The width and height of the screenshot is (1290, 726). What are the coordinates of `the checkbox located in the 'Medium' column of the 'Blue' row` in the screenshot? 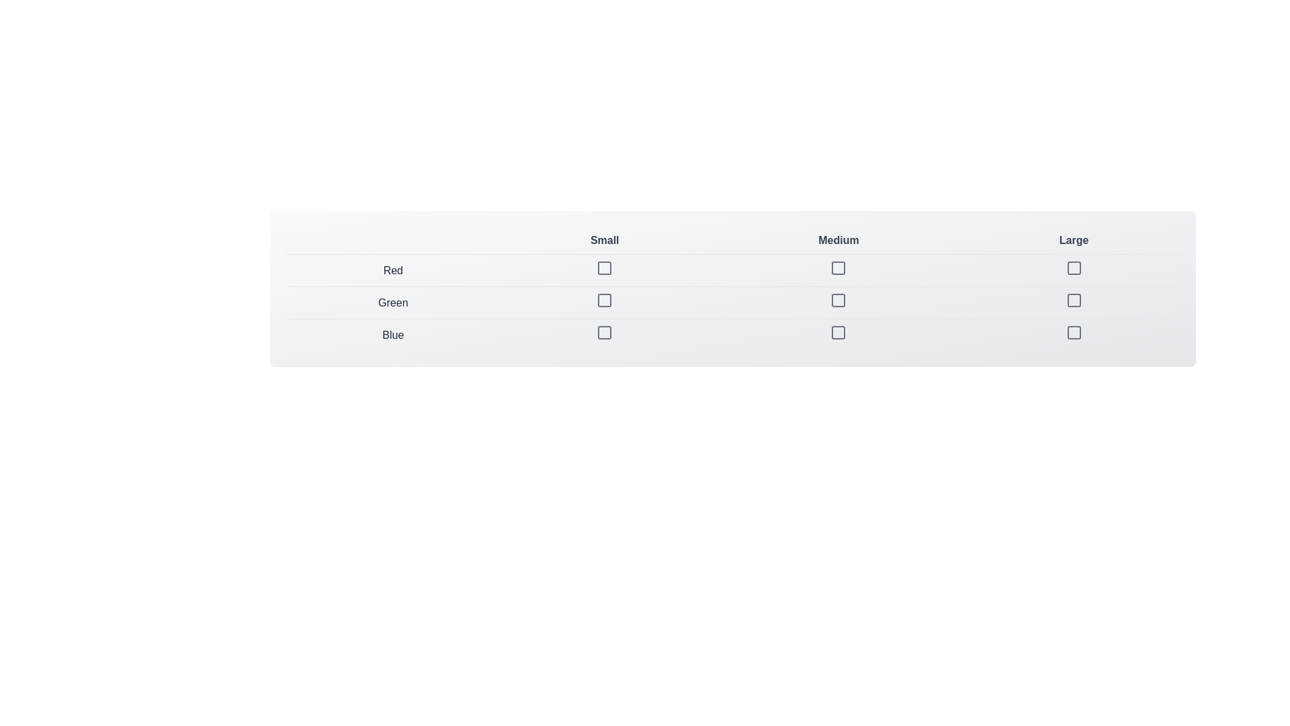 It's located at (838, 332).